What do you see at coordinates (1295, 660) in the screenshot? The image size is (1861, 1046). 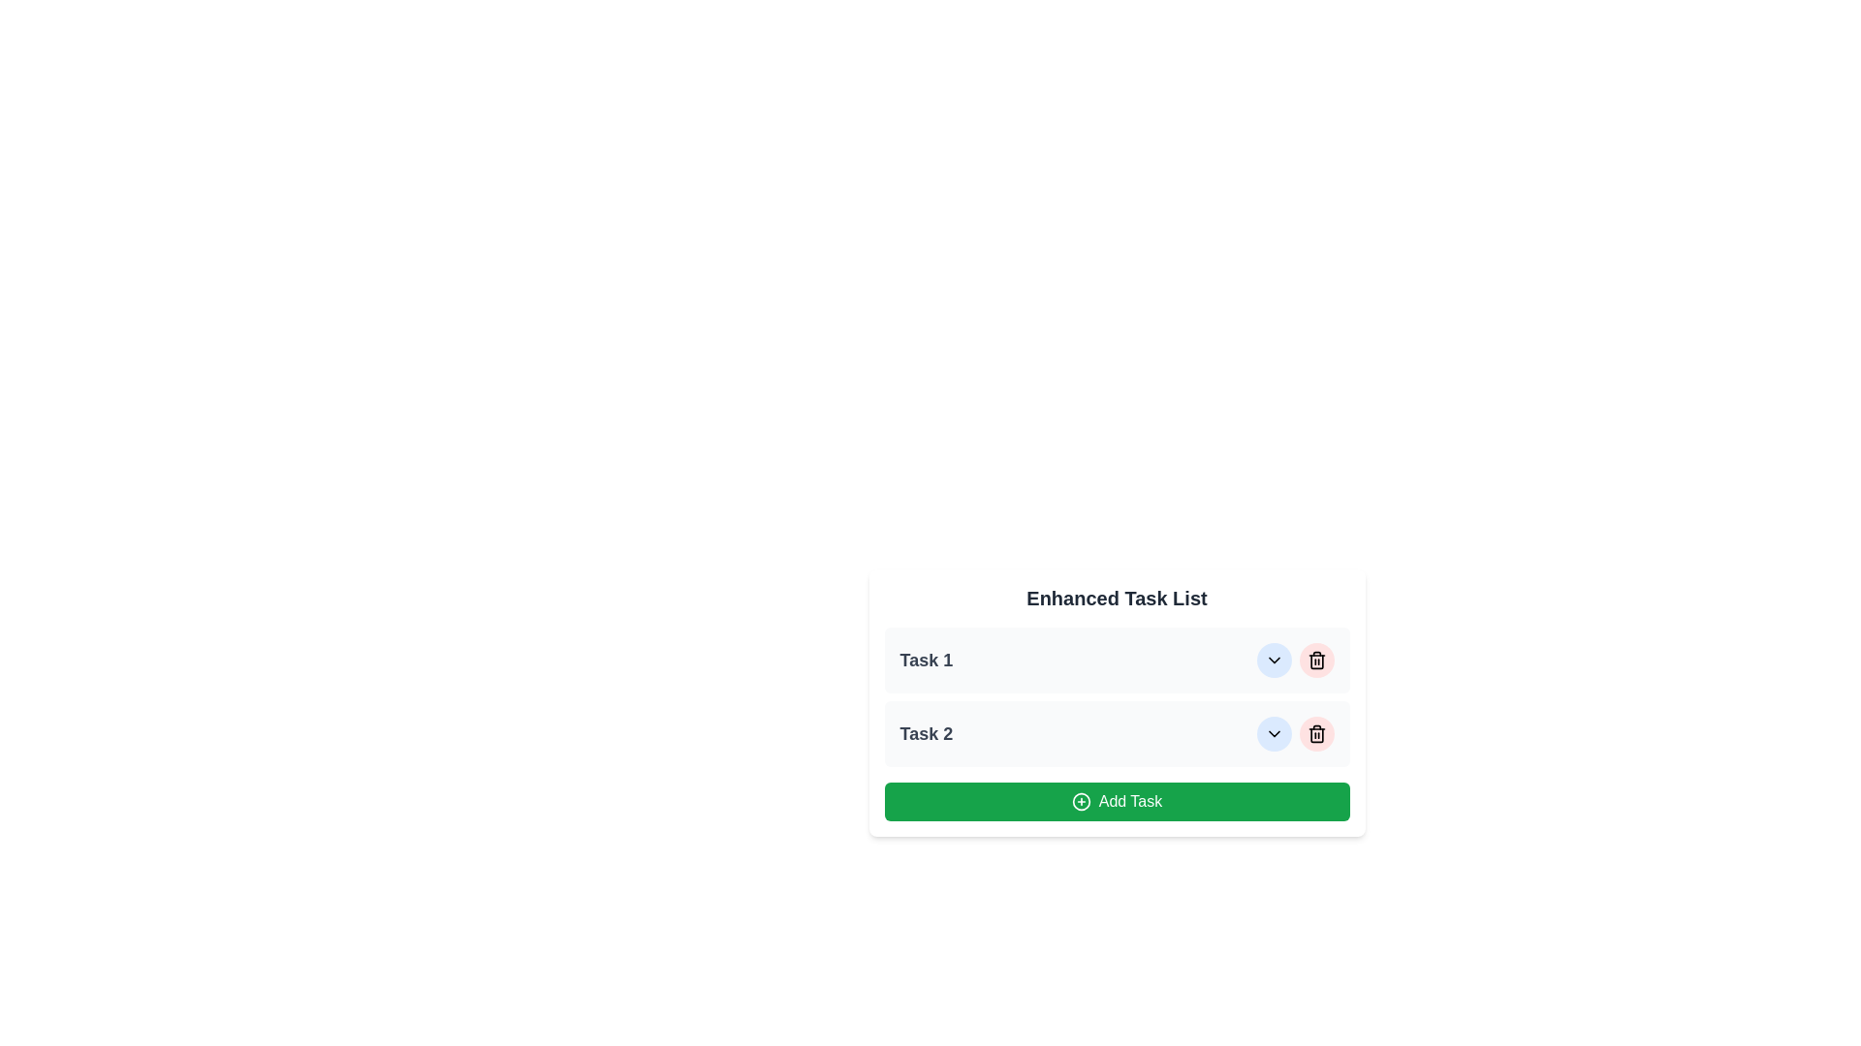 I see `the grouped action buttons for the first task item, which includes a dropdown toggle (left icon) and a delete action (right icon), located at the far-right side next to 'Task 1'` at bounding box center [1295, 660].